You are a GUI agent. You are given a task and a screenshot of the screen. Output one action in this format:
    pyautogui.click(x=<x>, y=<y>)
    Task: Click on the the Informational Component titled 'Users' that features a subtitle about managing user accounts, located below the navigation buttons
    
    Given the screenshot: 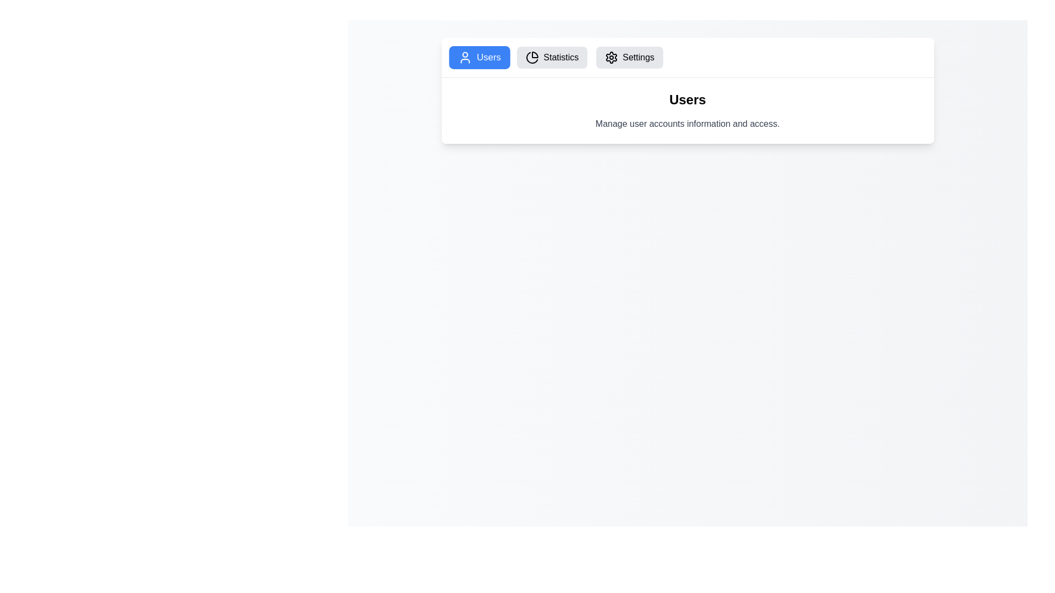 What is the action you would take?
    pyautogui.click(x=687, y=110)
    